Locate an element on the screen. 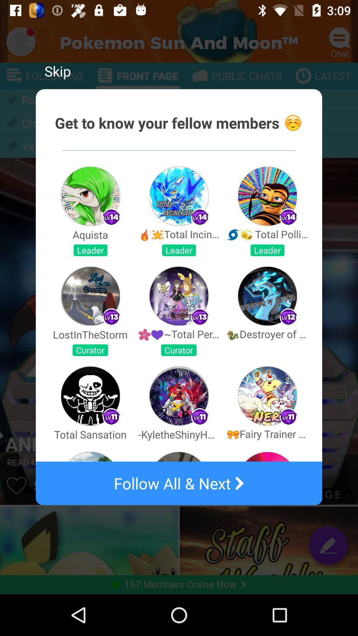 The height and width of the screenshot is (636, 358). the second image in the second row is located at coordinates (179, 295).